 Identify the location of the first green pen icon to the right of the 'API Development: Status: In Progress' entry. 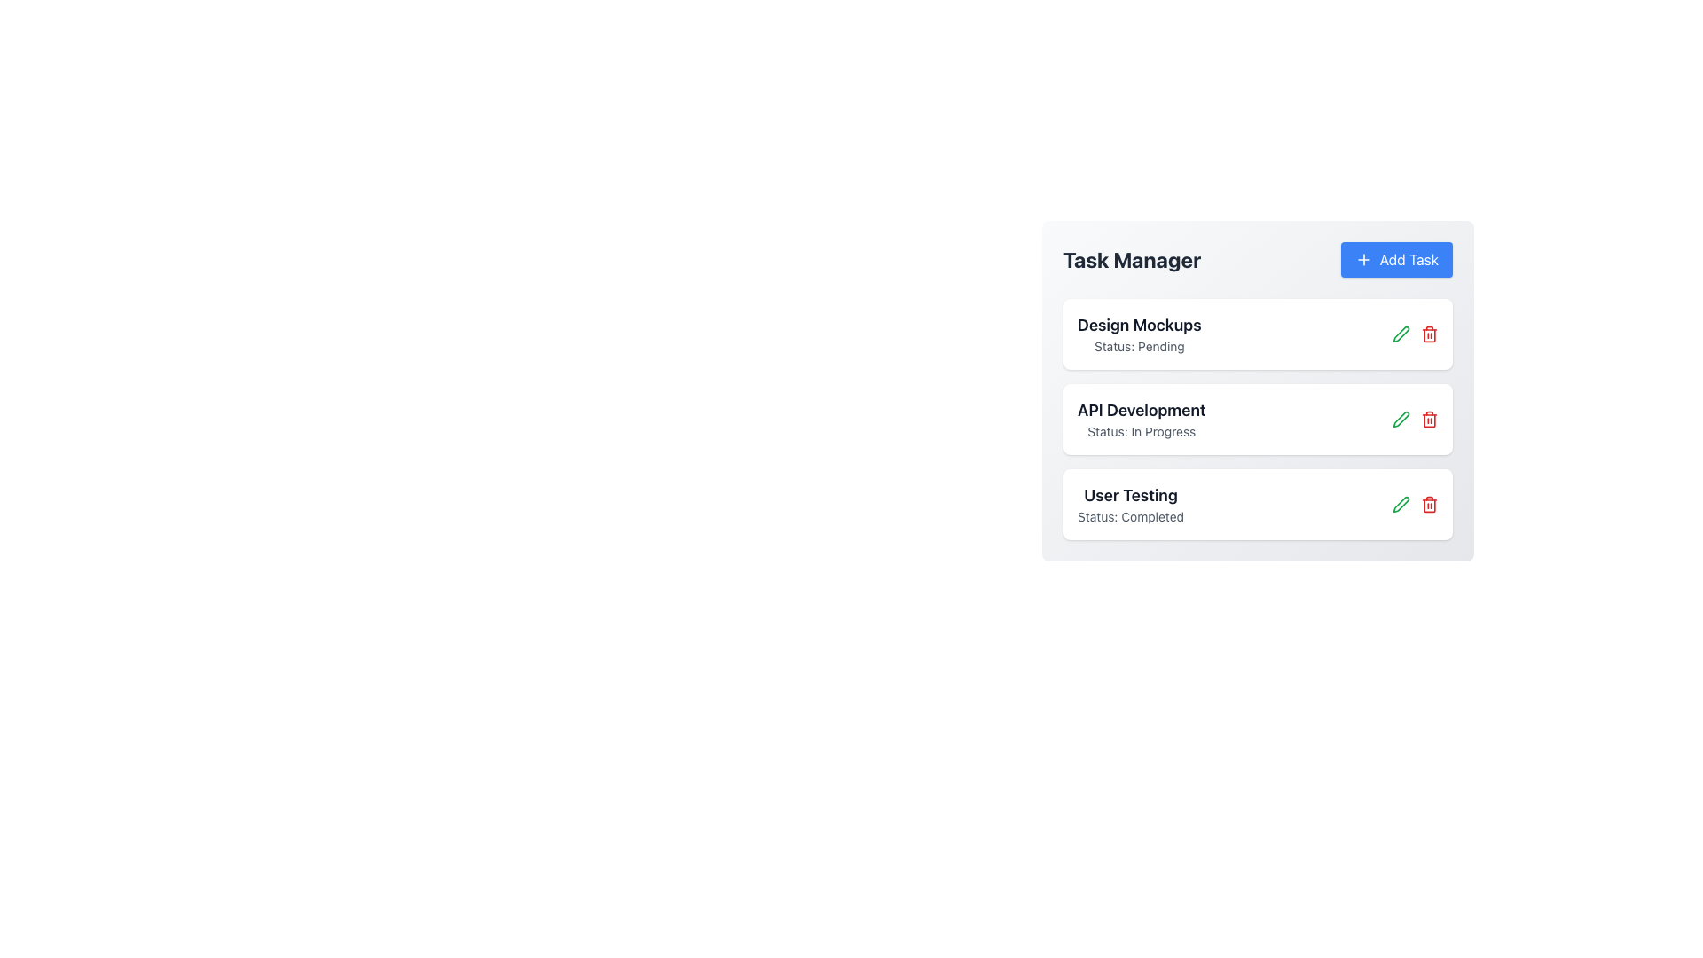
(1400, 334).